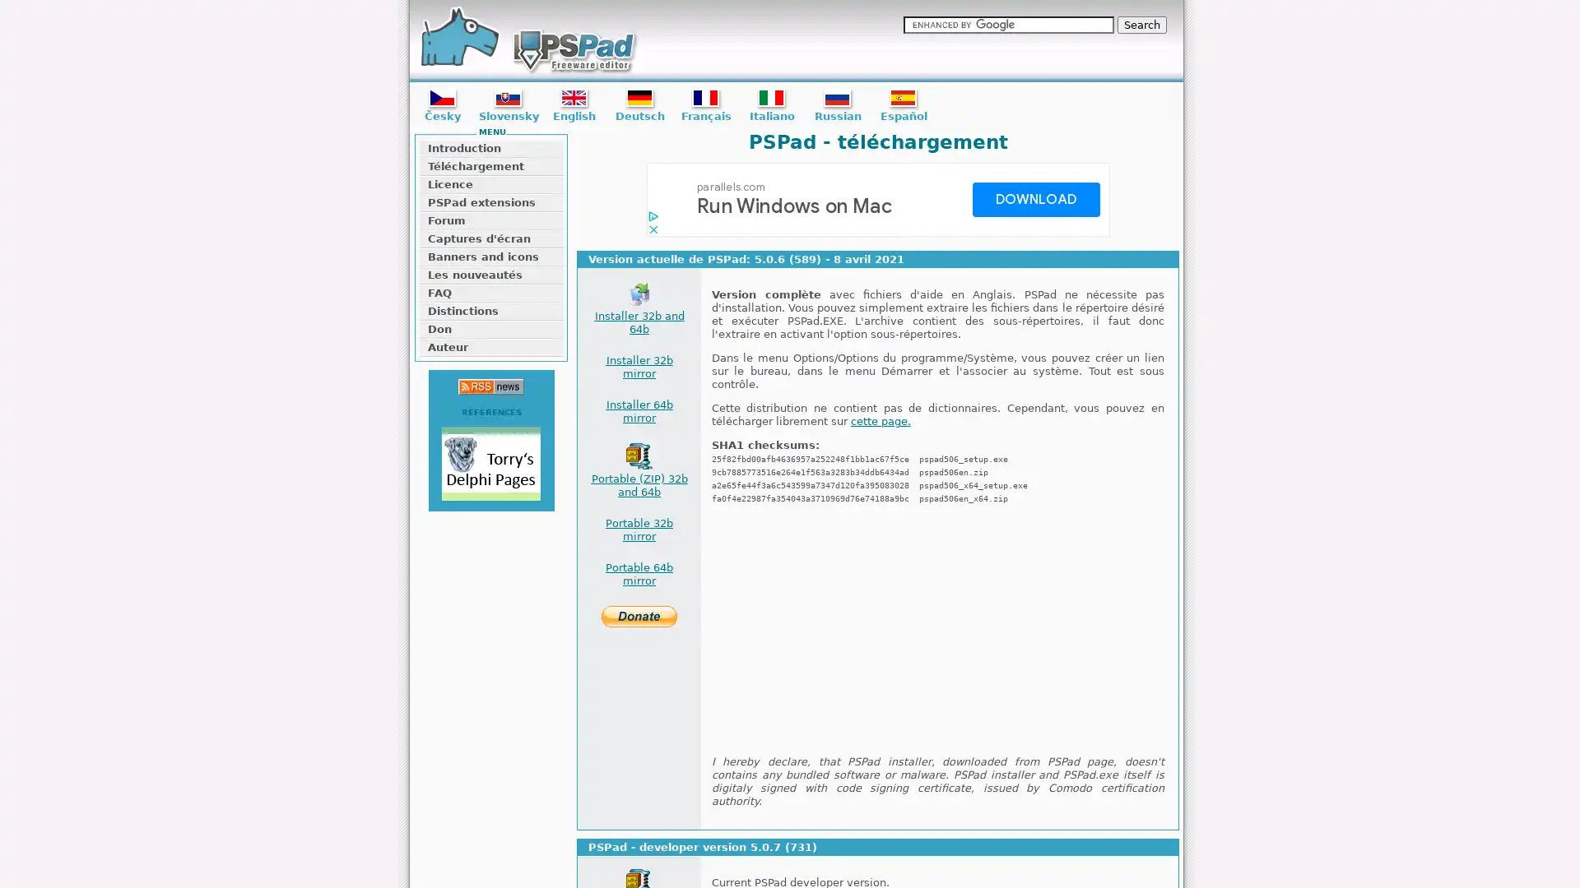 This screenshot has height=888, width=1580. Describe the element at coordinates (1141, 25) in the screenshot. I see `Search` at that location.